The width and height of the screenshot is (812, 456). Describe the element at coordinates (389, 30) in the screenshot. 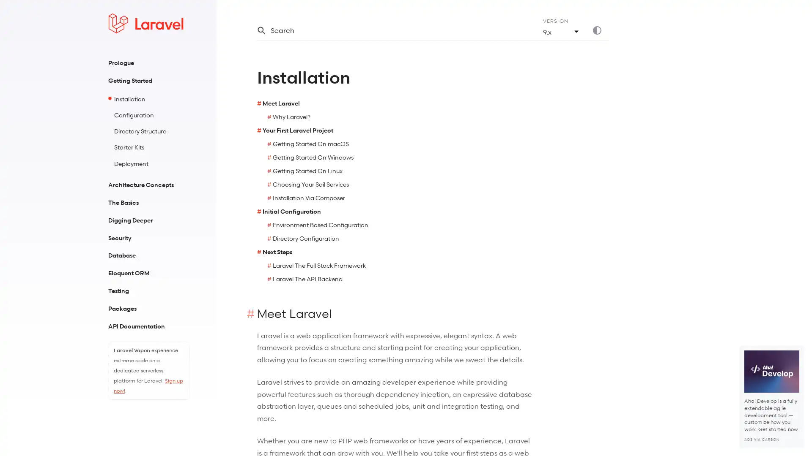

I see `Search` at that location.